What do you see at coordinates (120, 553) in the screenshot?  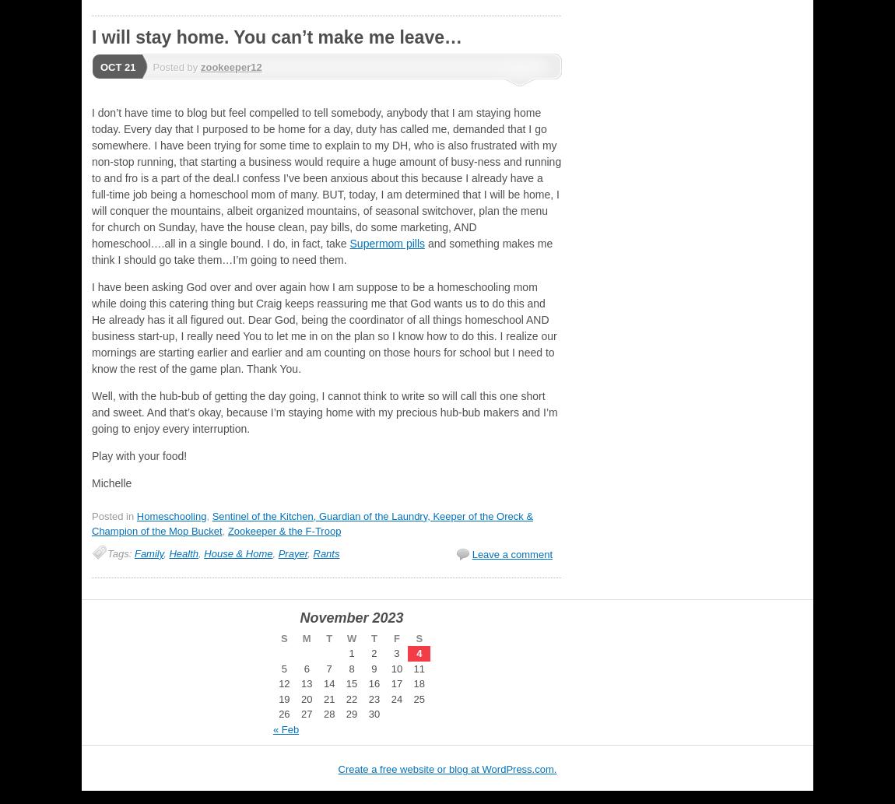 I see `'Tags:'` at bounding box center [120, 553].